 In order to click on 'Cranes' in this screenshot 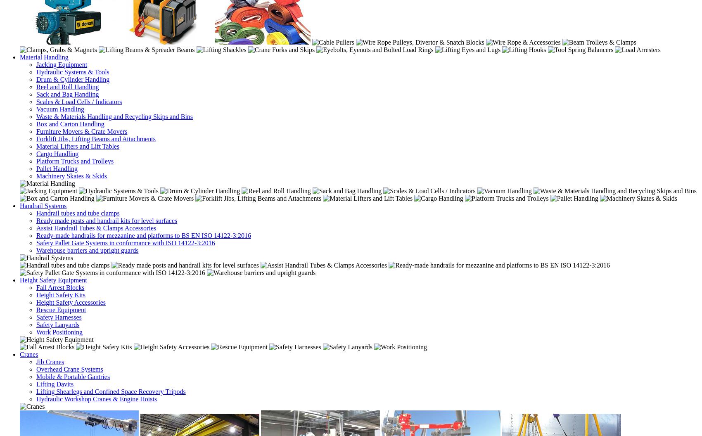, I will do `click(29, 354)`.